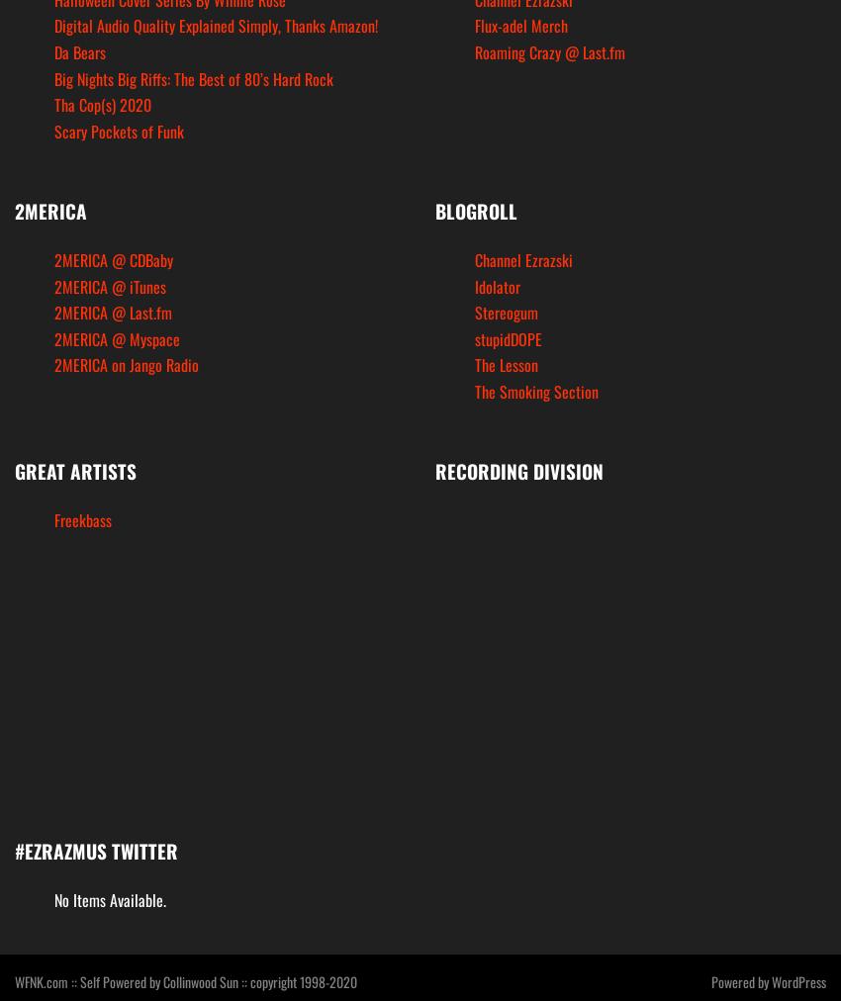  What do you see at coordinates (112, 312) in the screenshot?
I see `'2MERICA @ Last.fm'` at bounding box center [112, 312].